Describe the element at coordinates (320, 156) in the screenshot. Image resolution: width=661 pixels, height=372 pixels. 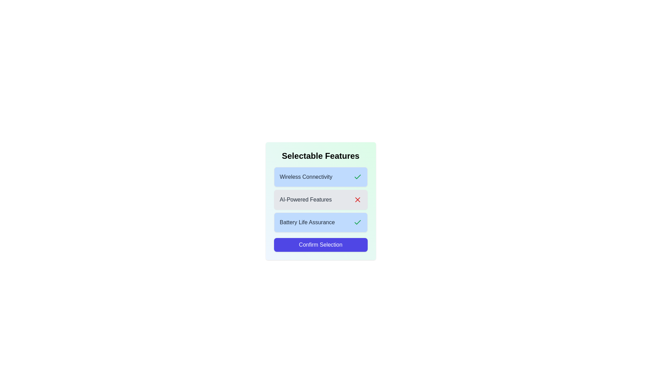
I see `the 'Selectable Features' text label, which is bold and centered at the top of a card-like layout` at that location.